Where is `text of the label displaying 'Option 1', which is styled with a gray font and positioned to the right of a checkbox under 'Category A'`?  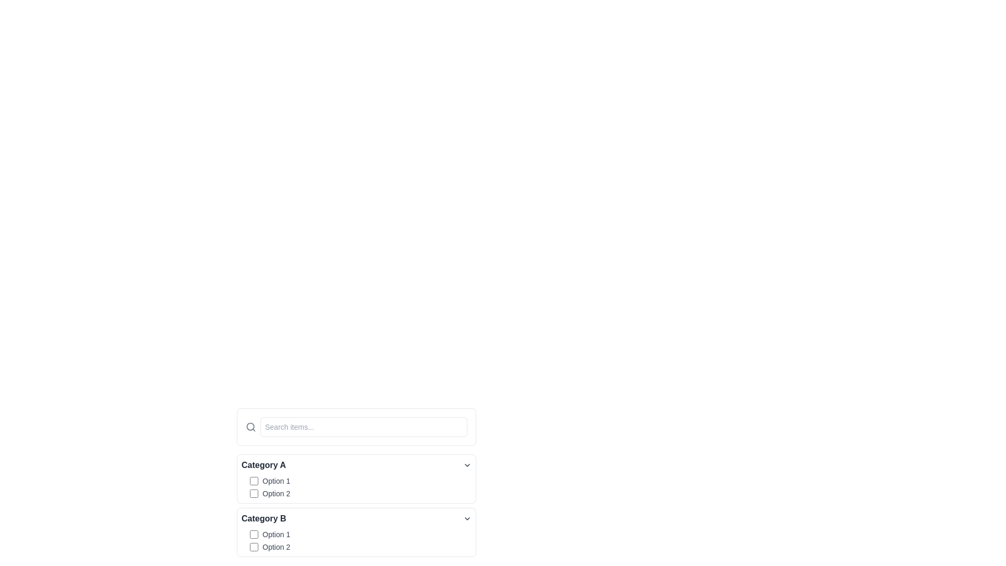 text of the label displaying 'Option 1', which is styled with a gray font and positioned to the right of a checkbox under 'Category A' is located at coordinates (276, 481).